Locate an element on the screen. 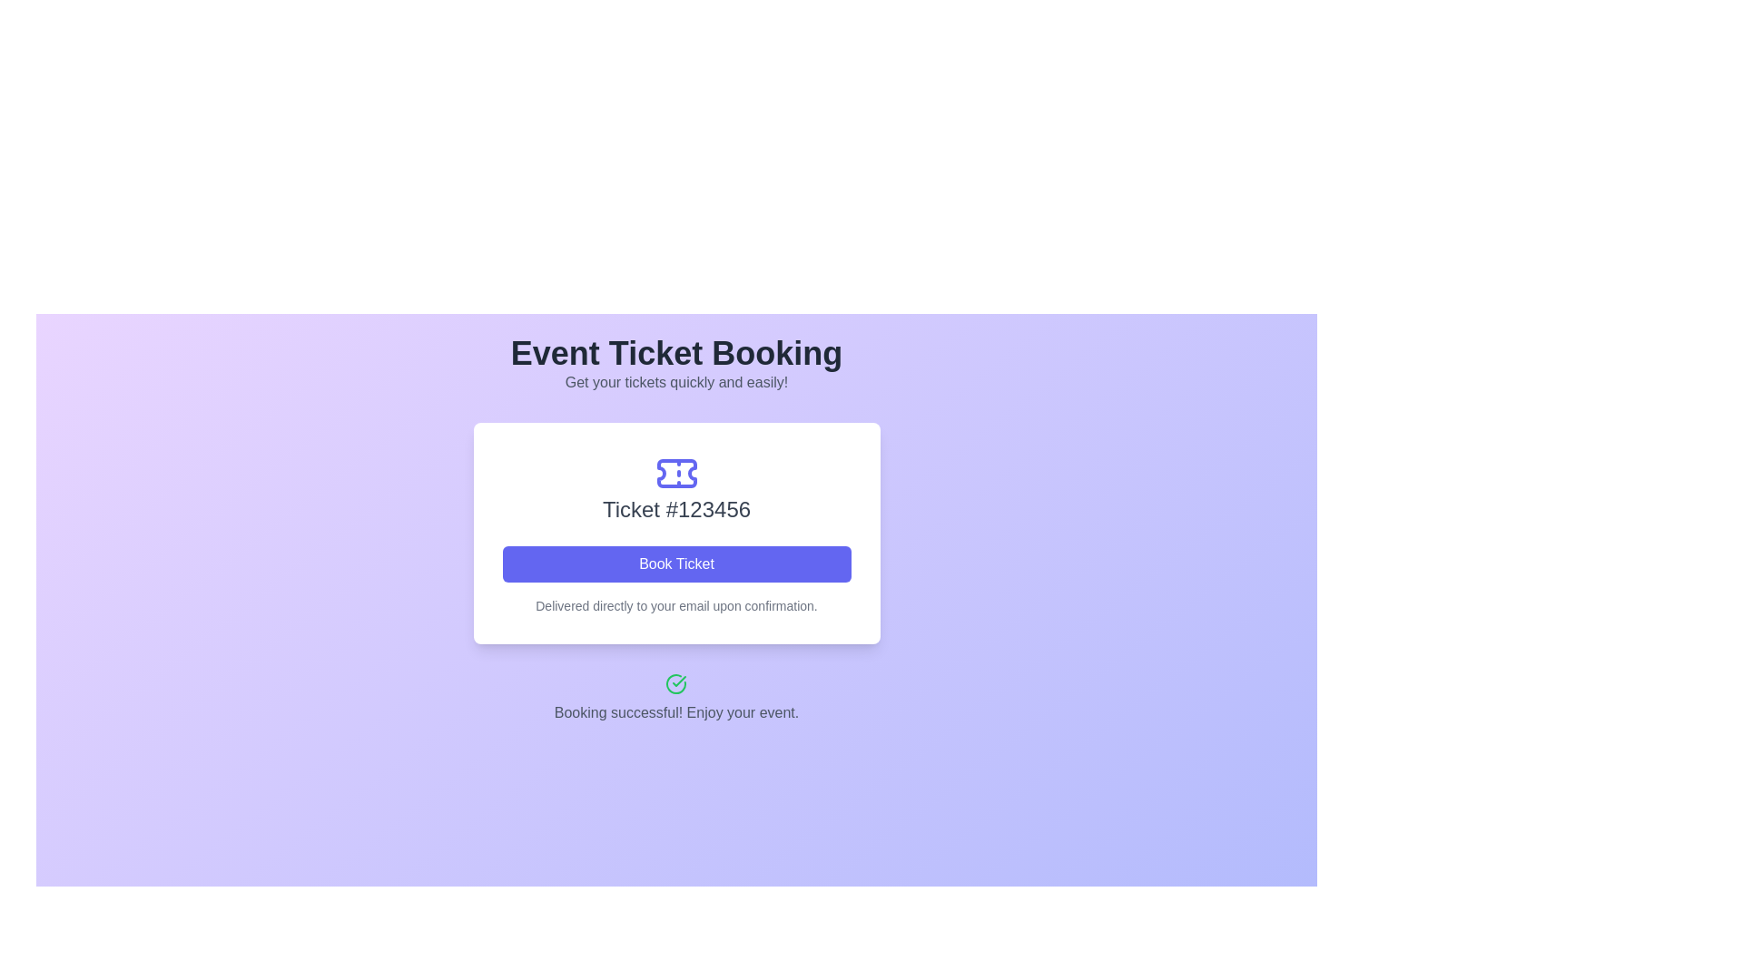 This screenshot has width=1743, height=980. the decorative icon representing a ticket, which is part of a larger SVG component located centrally above the text 'Ticket #123456' is located at coordinates (675, 472).